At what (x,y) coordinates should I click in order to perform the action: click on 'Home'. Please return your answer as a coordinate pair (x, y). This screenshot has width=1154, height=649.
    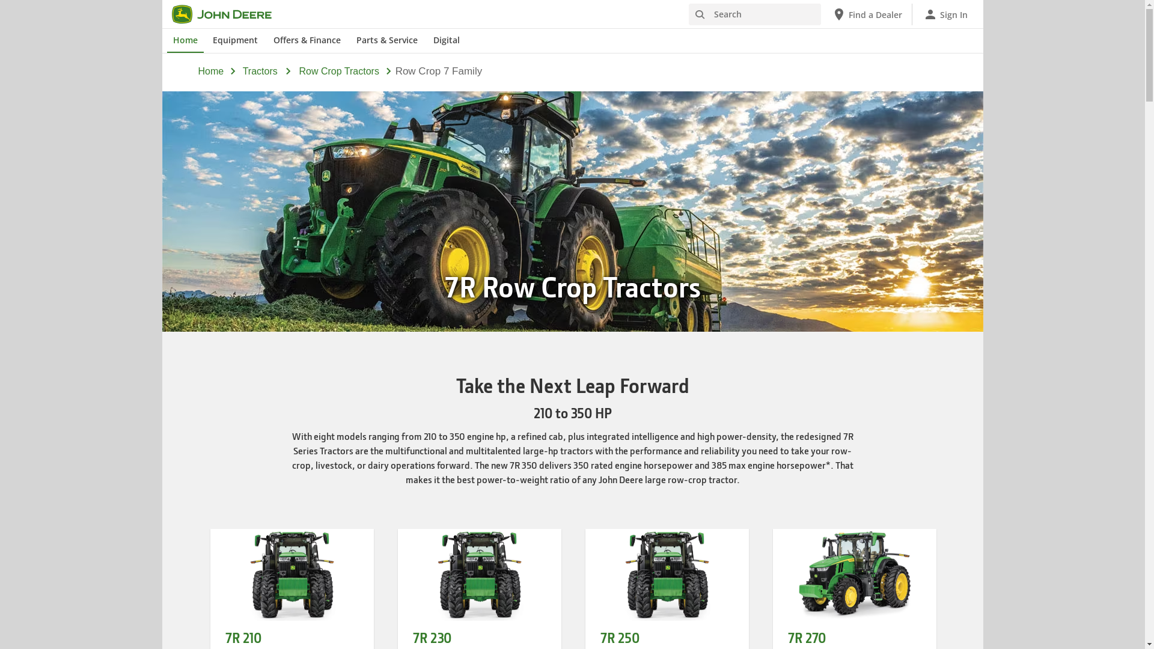
    Looking at the image, I should click on (198, 71).